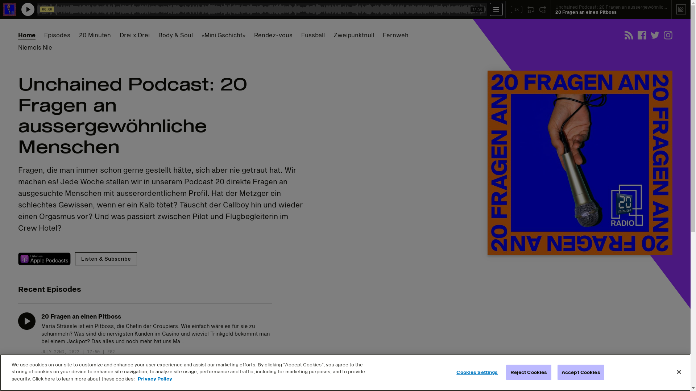  Describe the element at coordinates (663, 35) in the screenshot. I see `'Instagram'` at that location.